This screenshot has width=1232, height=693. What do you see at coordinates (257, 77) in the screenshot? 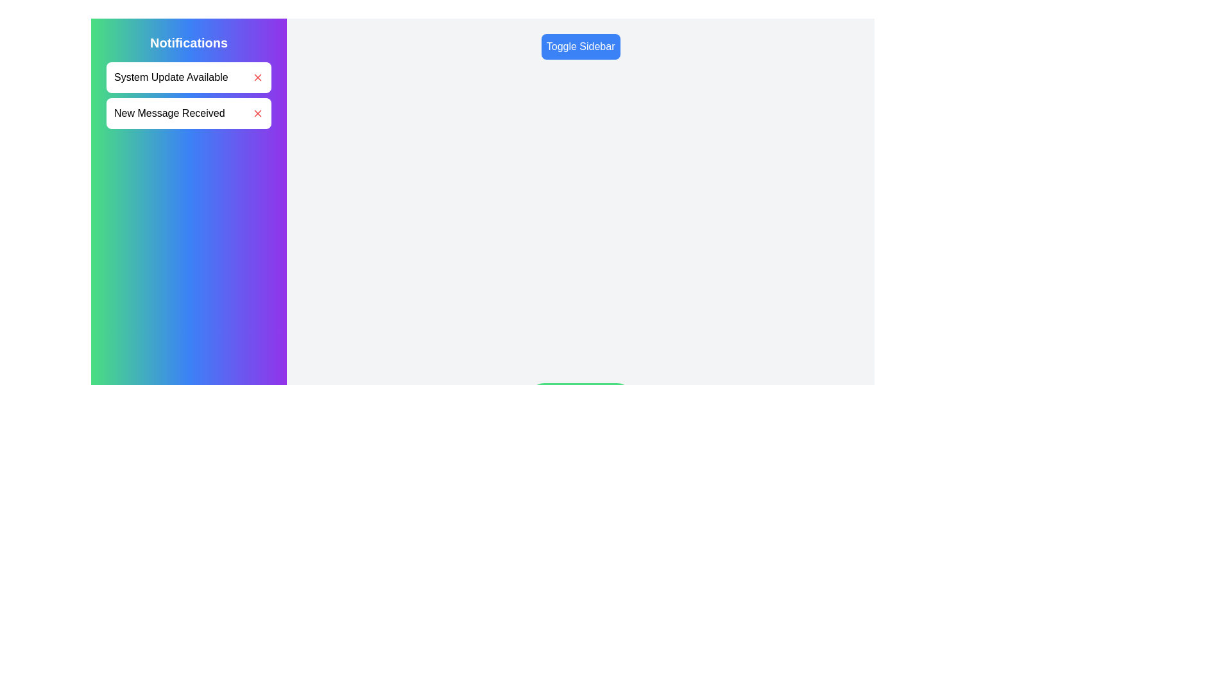
I see `the small red 'X' icon button located to the right of the 'System Update Available' text in the first notification on the sidebar to observe the hover effect` at bounding box center [257, 77].